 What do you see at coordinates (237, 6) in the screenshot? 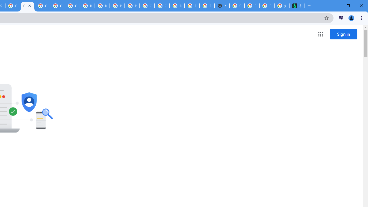
I see `'Sign in - Google Accounts'` at bounding box center [237, 6].